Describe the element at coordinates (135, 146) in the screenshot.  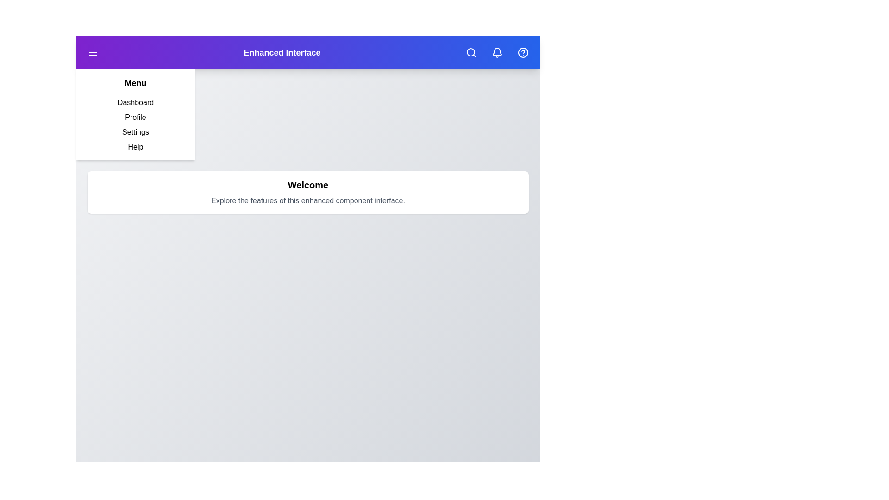
I see `the menu item Help from the sidebar` at that location.